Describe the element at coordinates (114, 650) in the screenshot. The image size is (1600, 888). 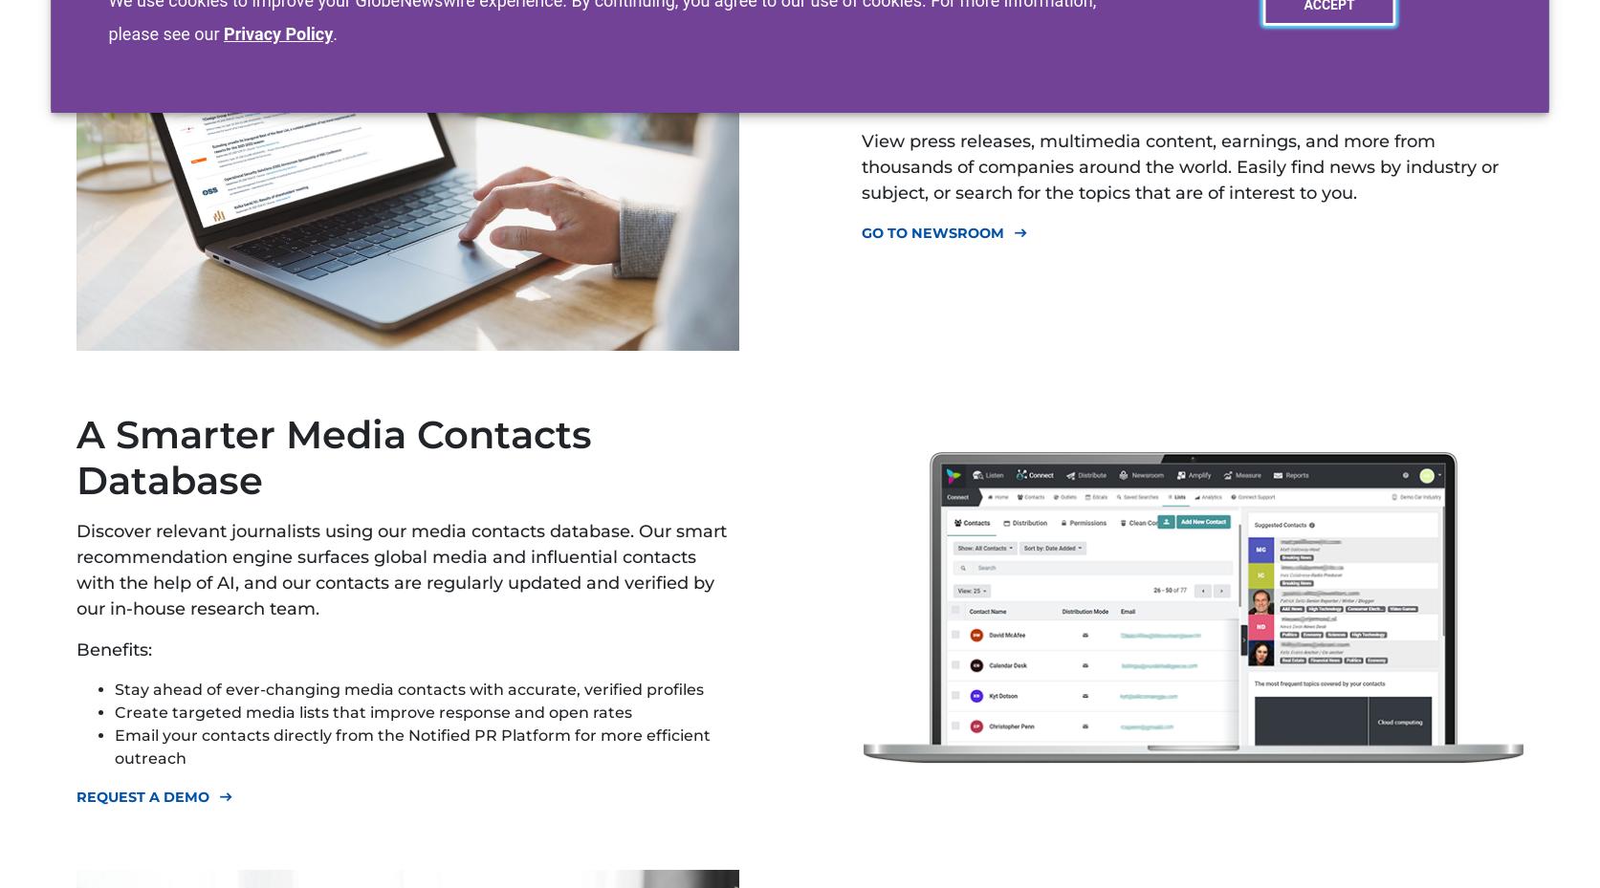
I see `'Benefits:'` at that location.